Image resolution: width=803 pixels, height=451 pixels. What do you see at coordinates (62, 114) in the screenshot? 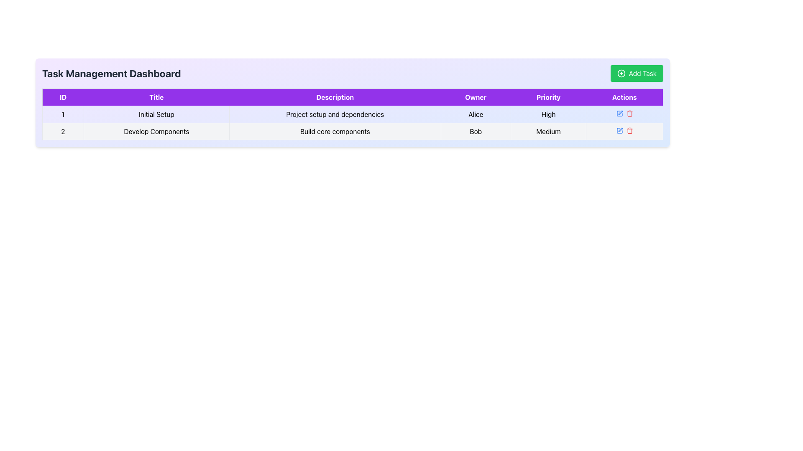
I see `the table cell containing the numerical value '1' in the 'ID' column, which is styled in black text and is located at the top-left corner of the table` at bounding box center [62, 114].